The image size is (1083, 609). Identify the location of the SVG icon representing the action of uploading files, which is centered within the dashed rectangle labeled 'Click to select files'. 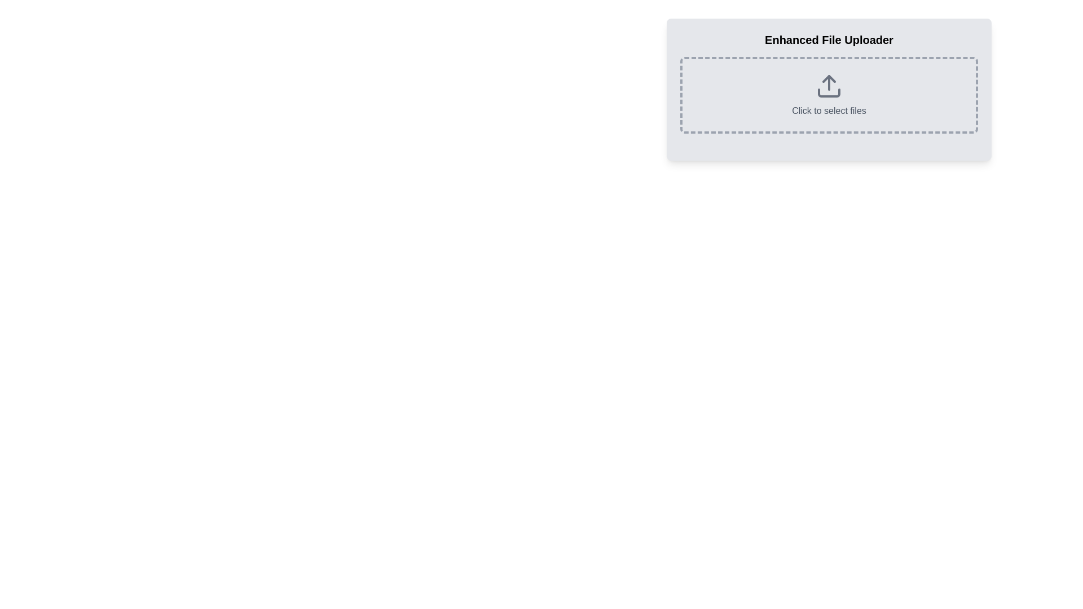
(829, 86).